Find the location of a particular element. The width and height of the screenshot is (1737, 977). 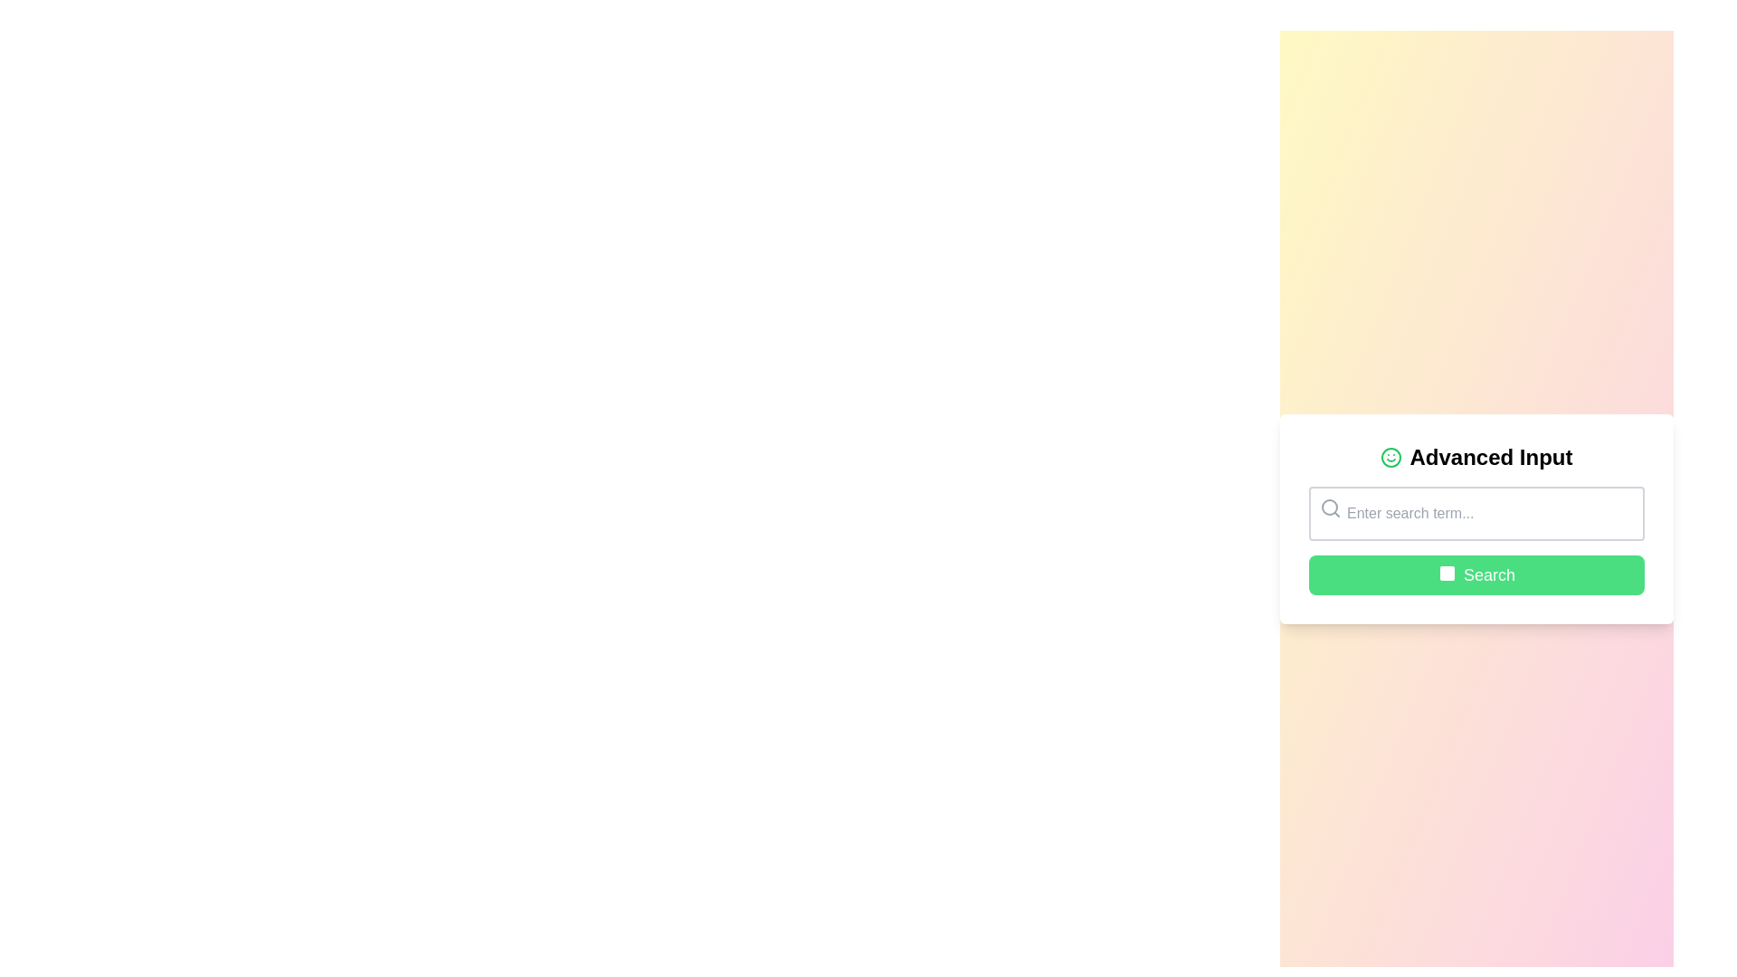

the SVG circle that represents the magnifying glass in the search icon, located to the left of the input box in the advanced search section is located at coordinates (1329, 507).